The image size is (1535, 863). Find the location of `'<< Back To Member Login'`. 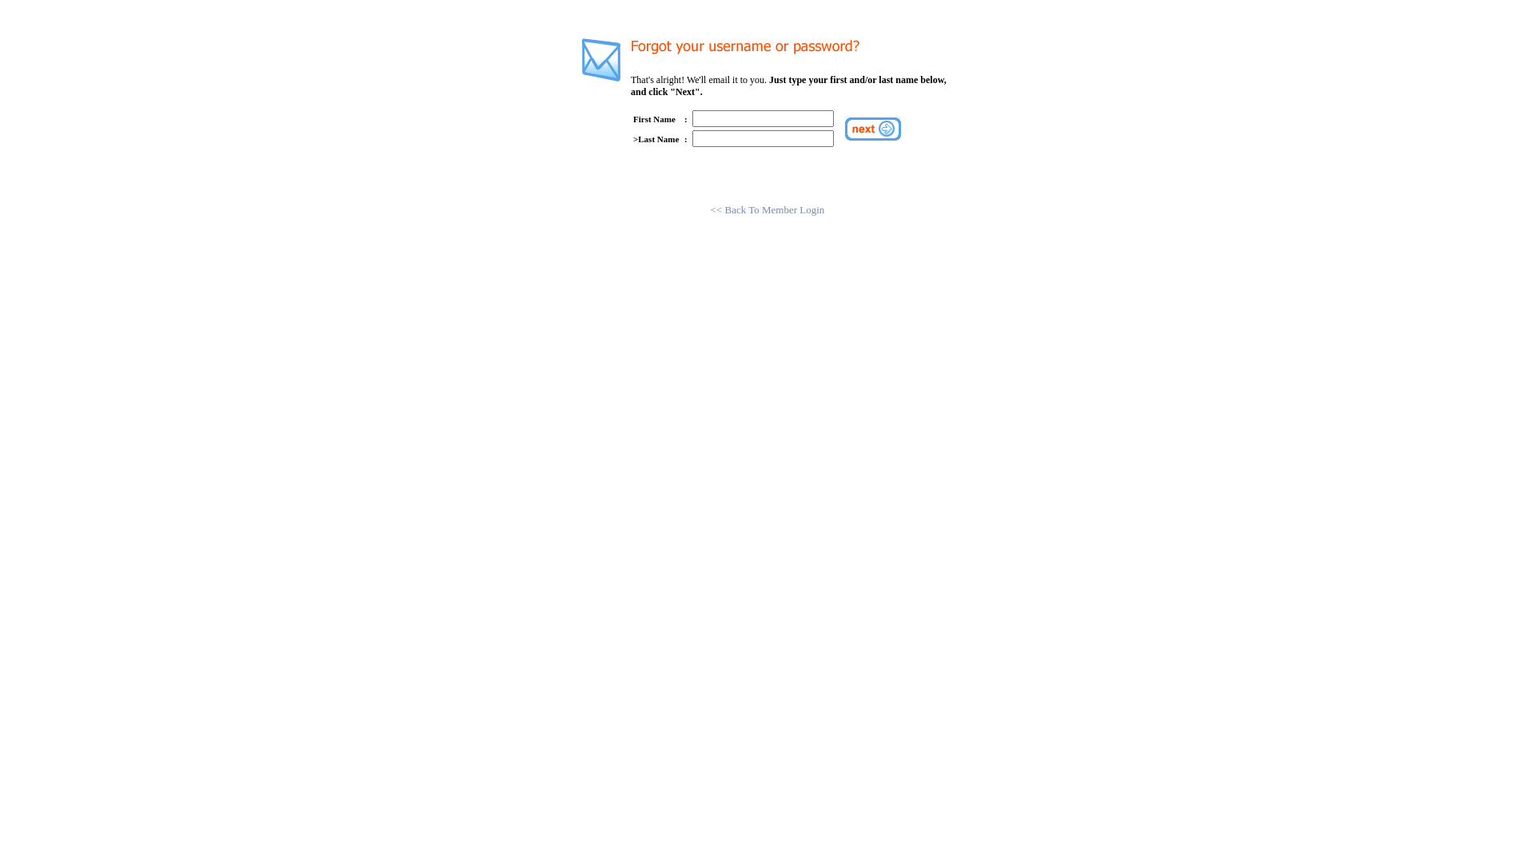

'<< Back To Member Login' is located at coordinates (767, 209).